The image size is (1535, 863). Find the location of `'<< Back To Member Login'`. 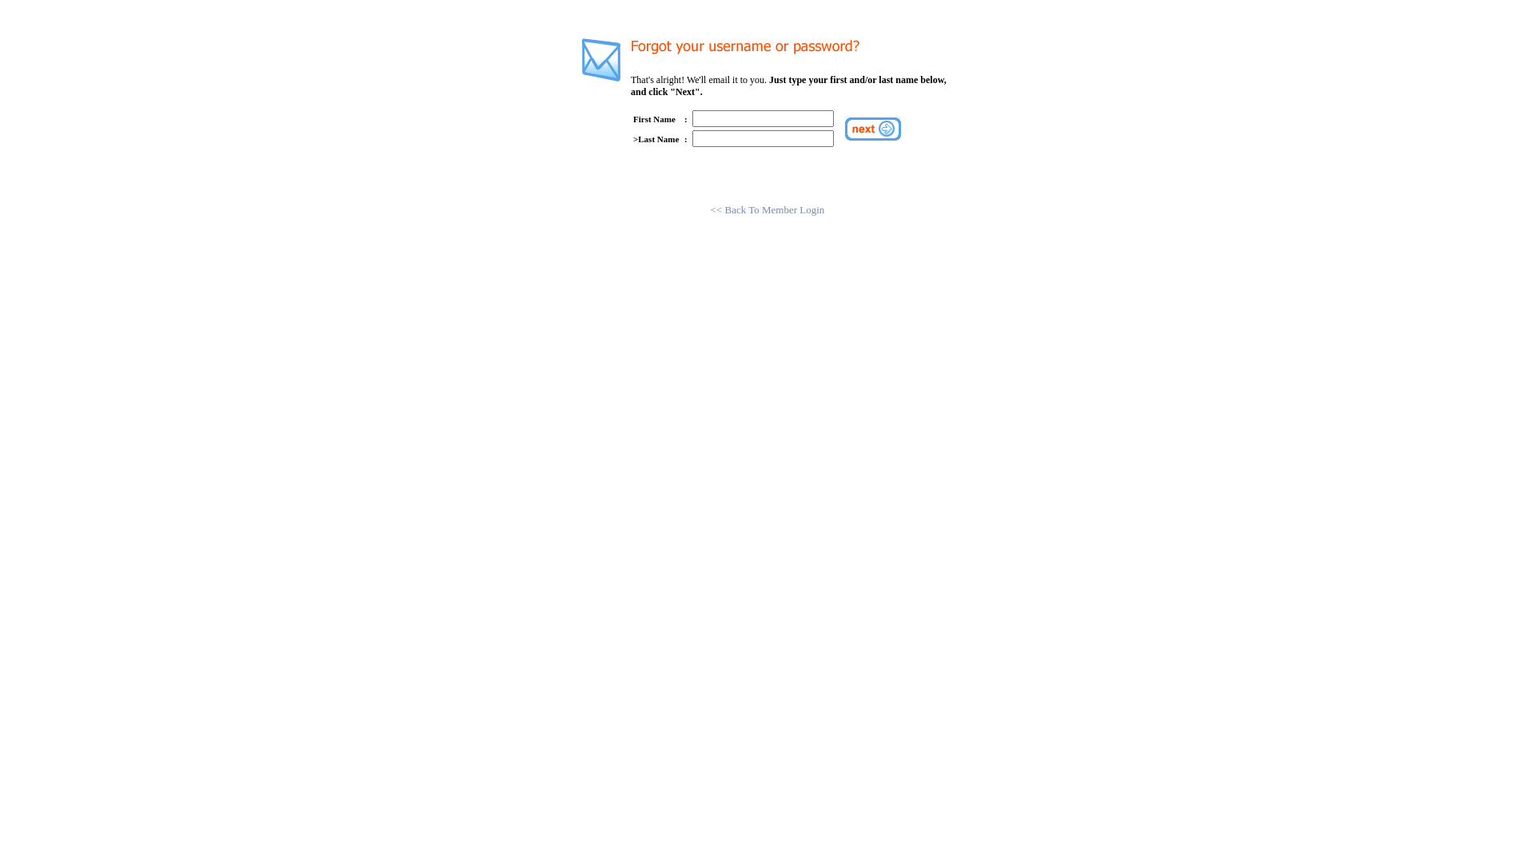

'<< Back To Member Login' is located at coordinates (767, 209).